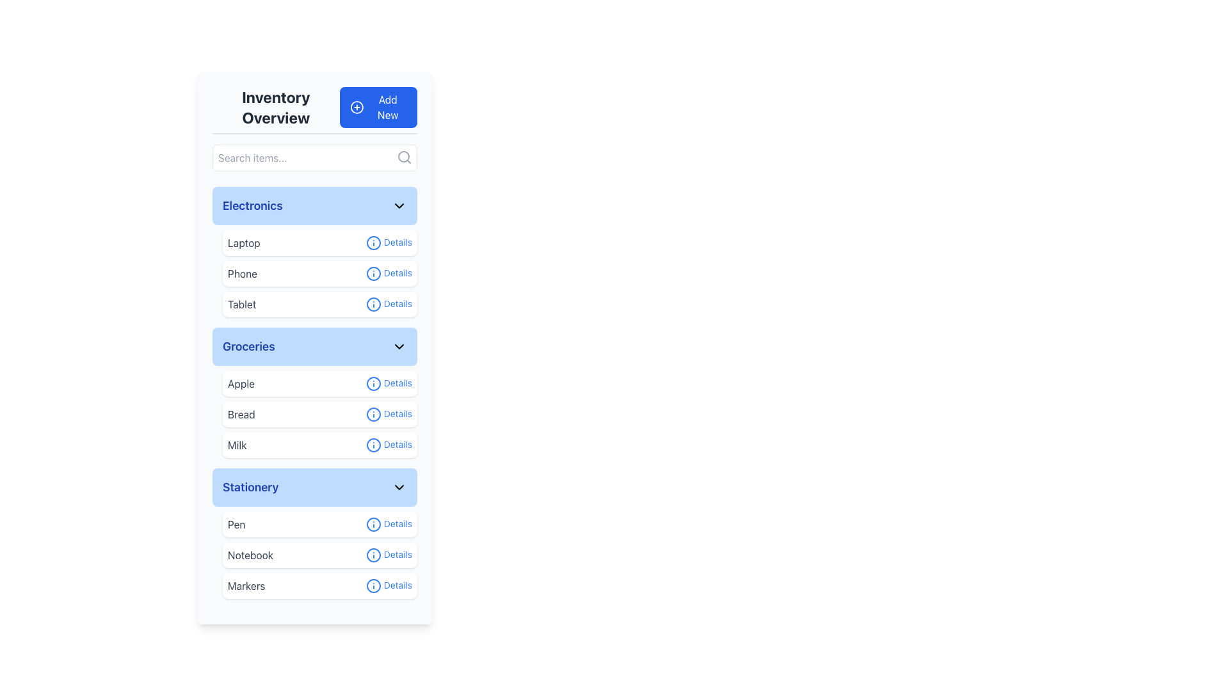 This screenshot has width=1229, height=691. Describe the element at coordinates (399, 488) in the screenshot. I see `the Dropdown Toggle Icon located at the far right of the 'Stationery' header to trigger any hover effects` at that location.